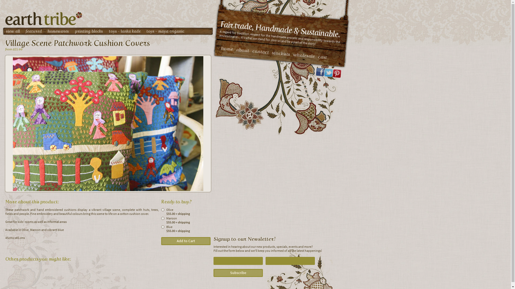 The image size is (515, 289). What do you see at coordinates (290, 261) in the screenshot?
I see `'Email'` at bounding box center [290, 261].